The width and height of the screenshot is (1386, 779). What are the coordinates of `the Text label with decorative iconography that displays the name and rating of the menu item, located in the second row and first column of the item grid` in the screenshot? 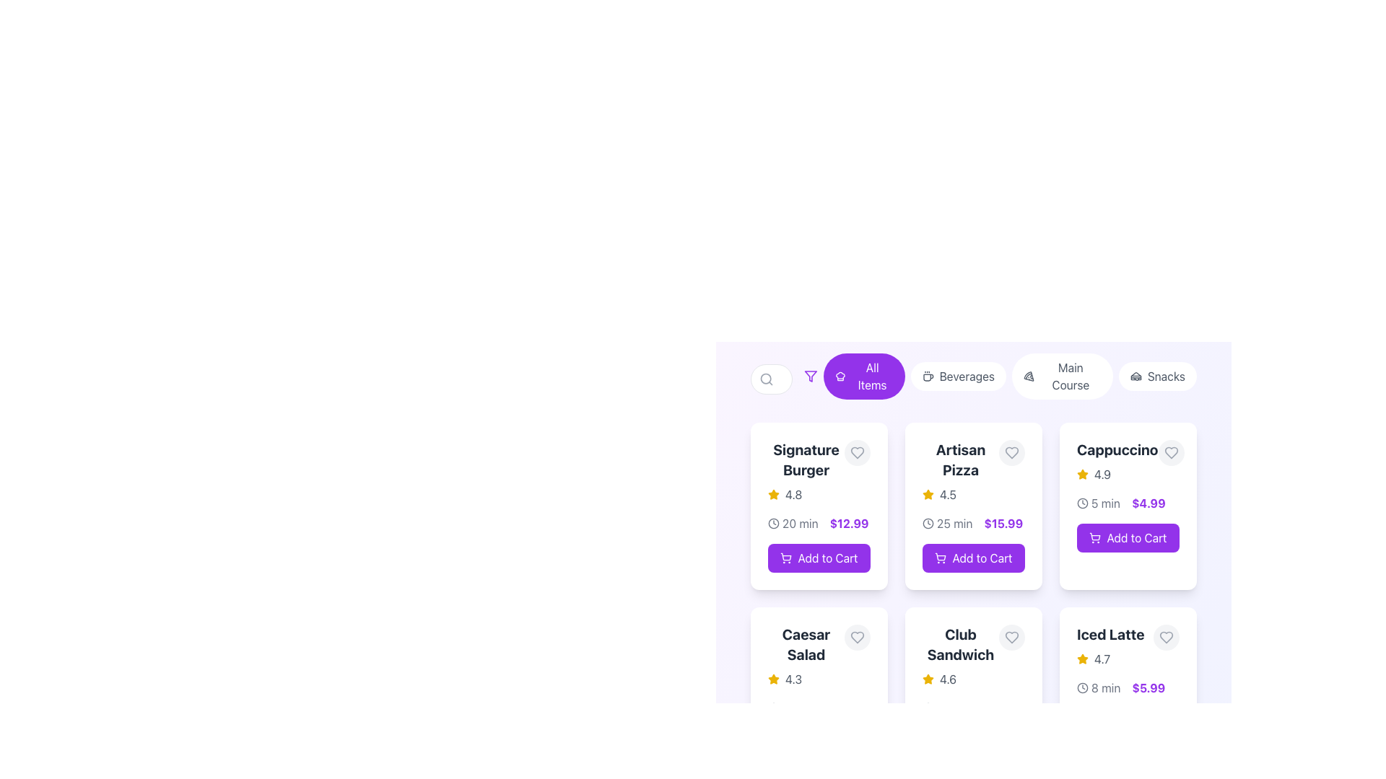 It's located at (806, 656).